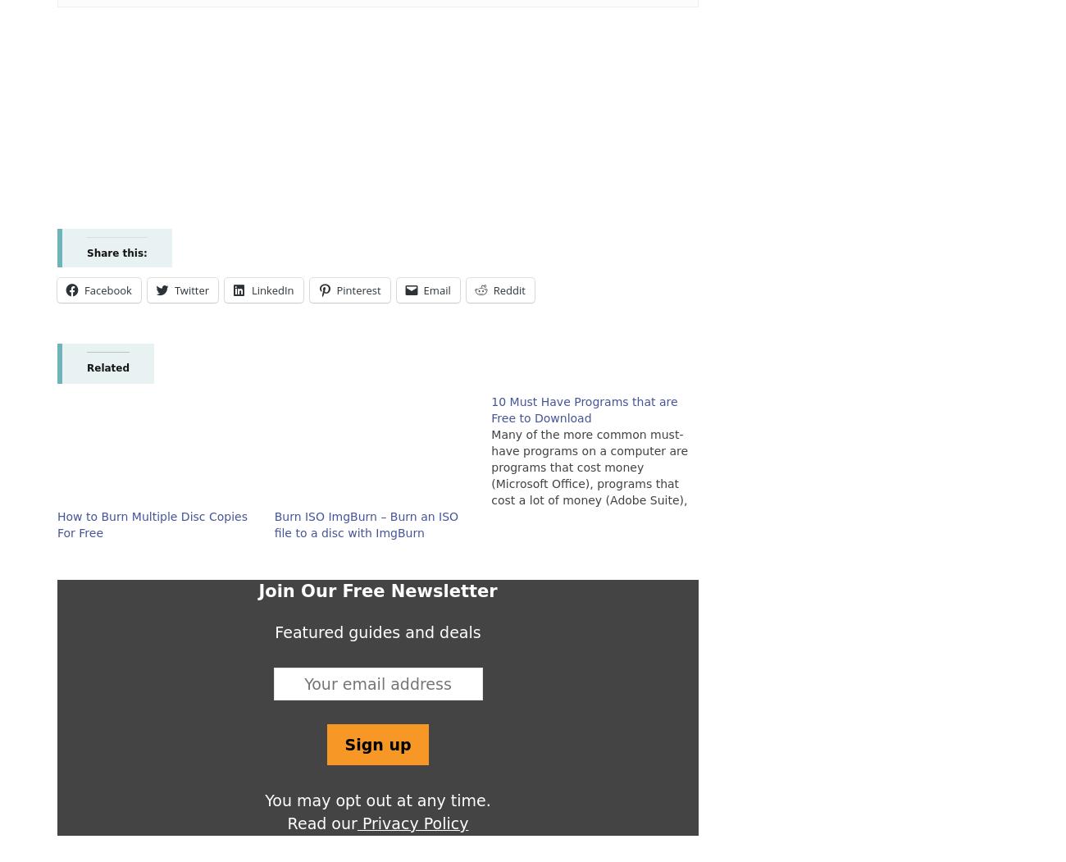 This screenshot has height=862, width=1066. I want to click on 'Reddit', so click(508, 290).